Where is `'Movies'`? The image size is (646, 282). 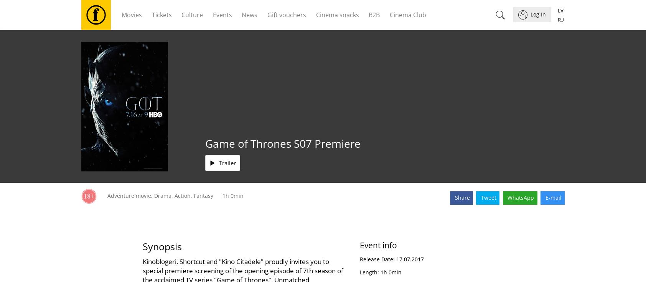
'Movies' is located at coordinates (132, 14).